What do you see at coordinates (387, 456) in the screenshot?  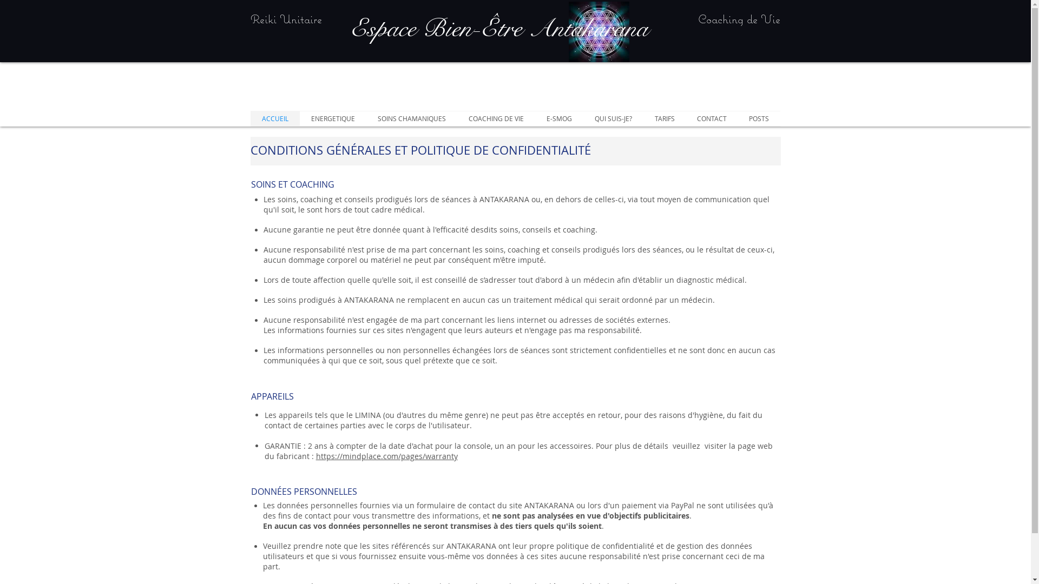 I see `'https://mindplace.com/pages/warranty'` at bounding box center [387, 456].